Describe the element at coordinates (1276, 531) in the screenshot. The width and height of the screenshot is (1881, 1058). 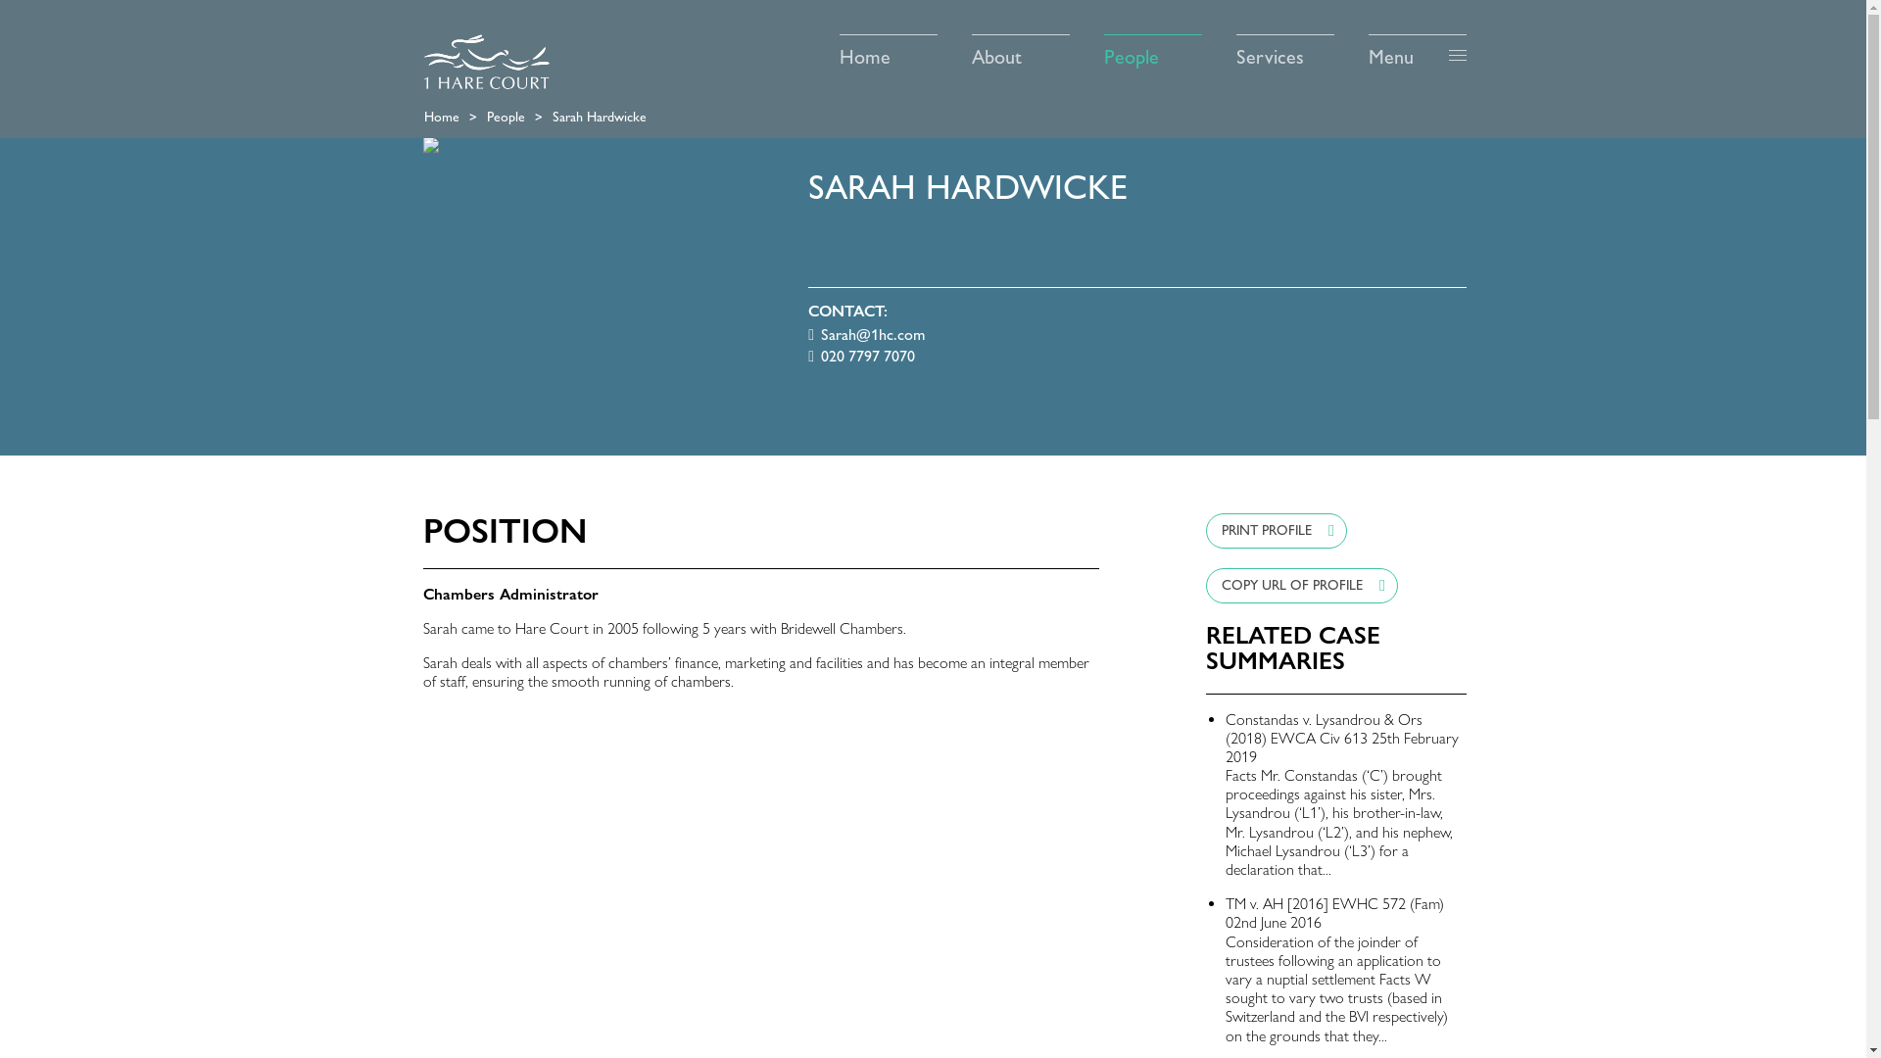
I see `'PRINT PROFILE'` at that location.